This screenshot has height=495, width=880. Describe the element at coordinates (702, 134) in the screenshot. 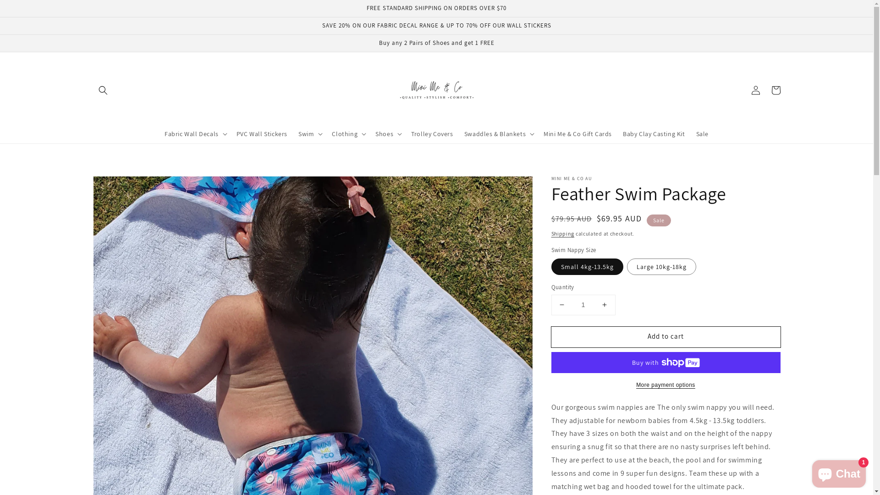

I see `'Sale'` at that location.